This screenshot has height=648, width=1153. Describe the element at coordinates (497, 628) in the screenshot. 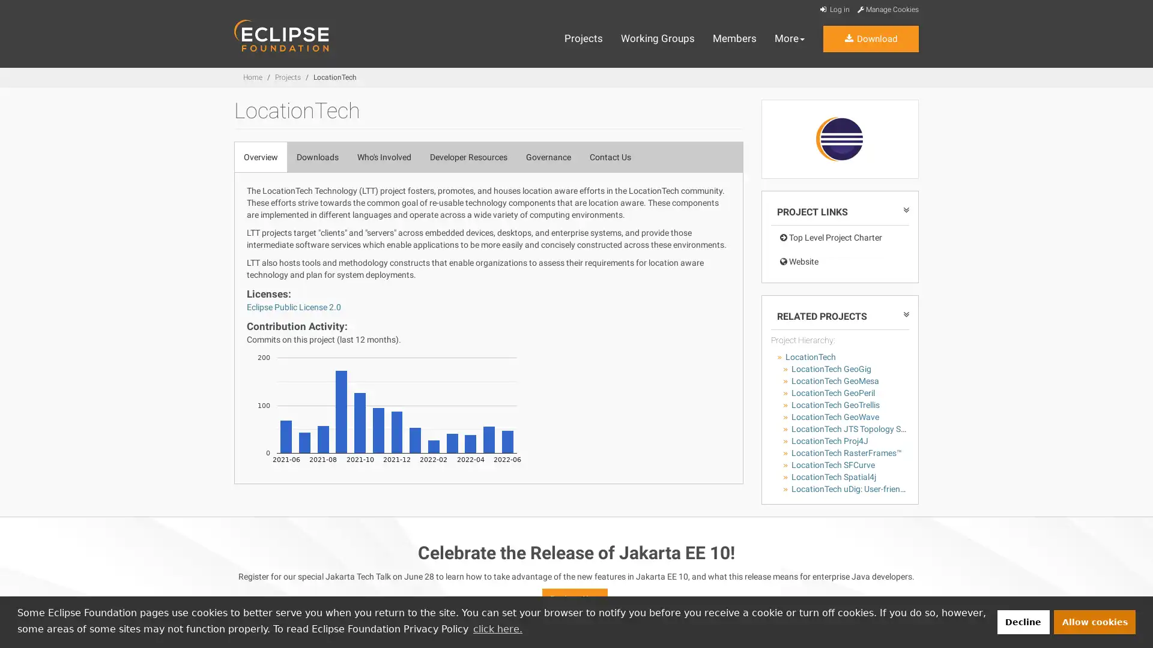

I see `learn more about cookies` at that location.